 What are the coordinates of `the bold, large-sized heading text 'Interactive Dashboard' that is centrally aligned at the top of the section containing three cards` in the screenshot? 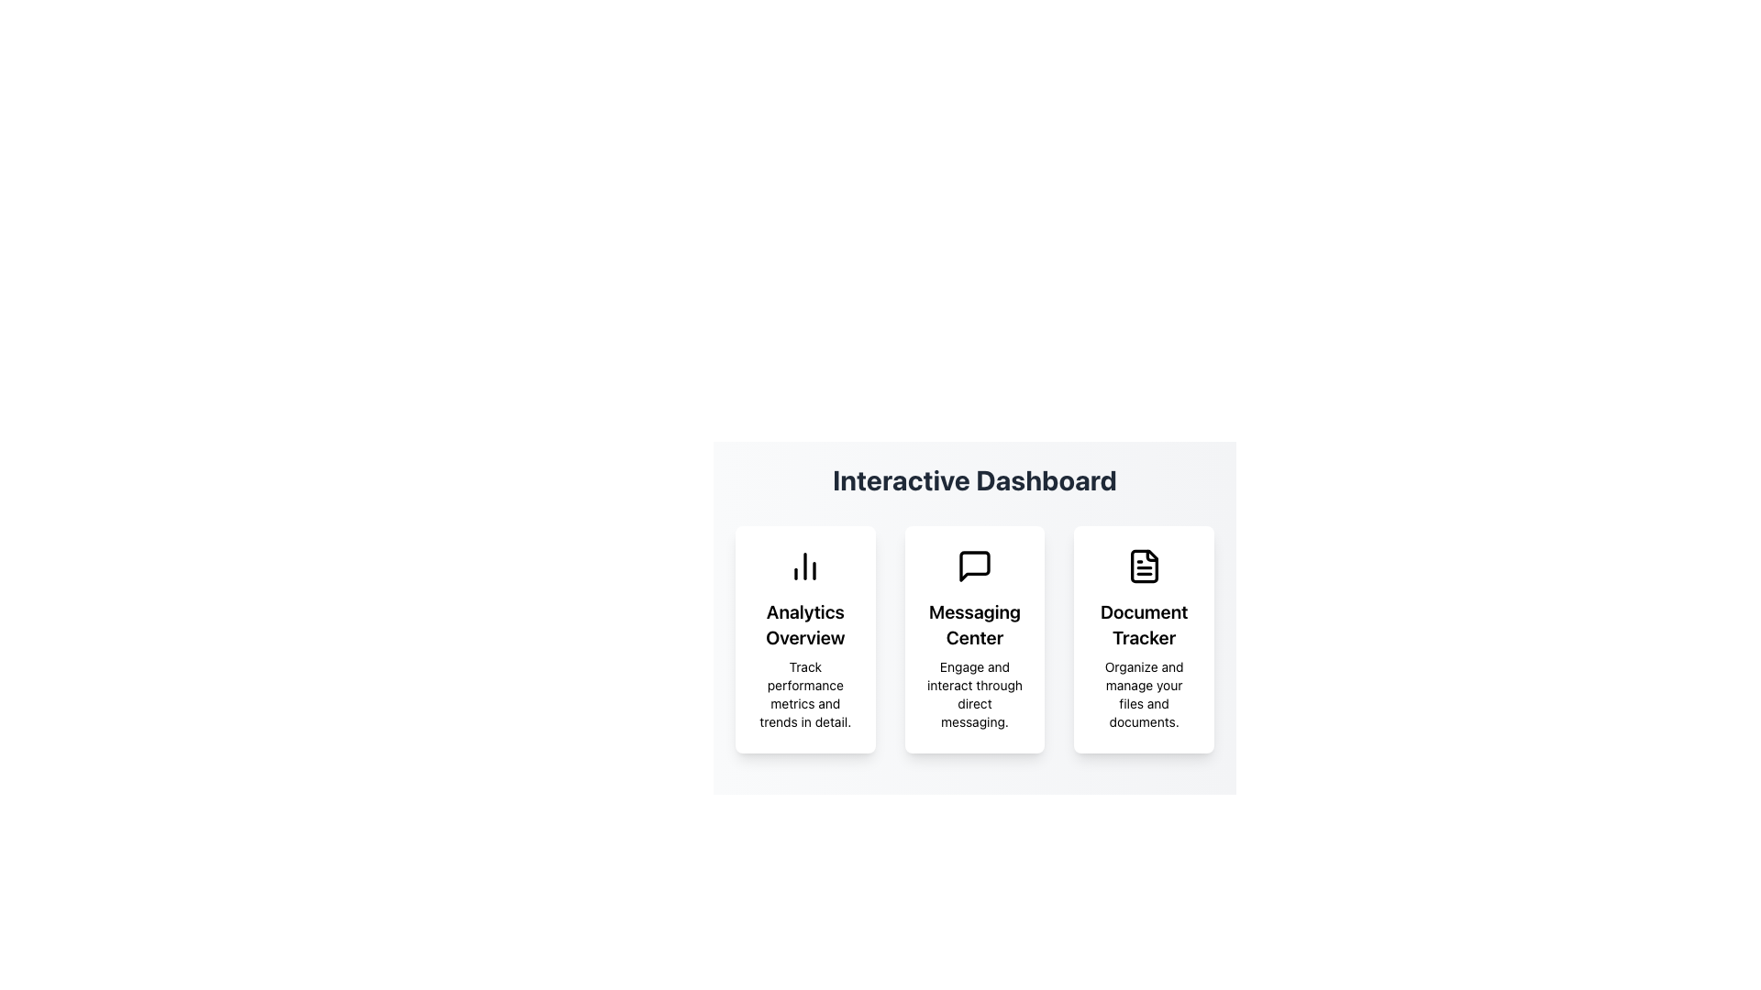 It's located at (973, 479).